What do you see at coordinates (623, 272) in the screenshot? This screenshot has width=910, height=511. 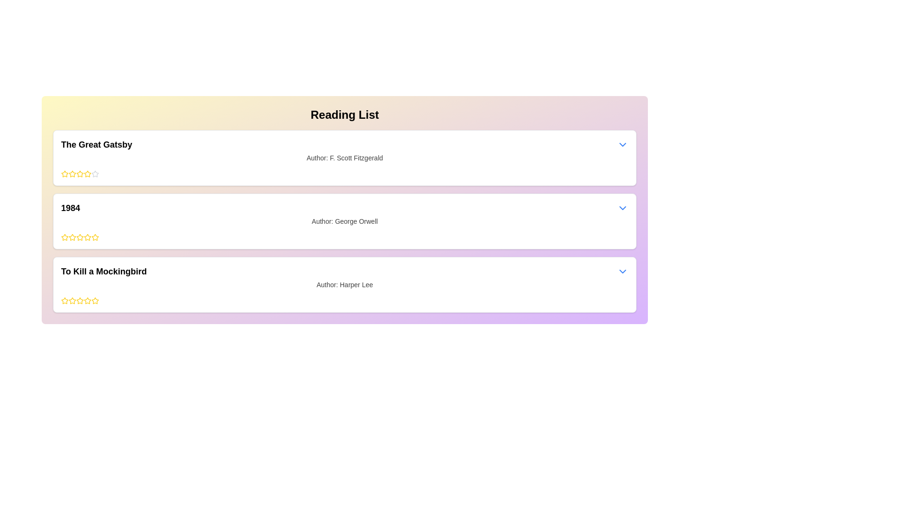 I see `the blue downward-pointing chevron icon` at bounding box center [623, 272].